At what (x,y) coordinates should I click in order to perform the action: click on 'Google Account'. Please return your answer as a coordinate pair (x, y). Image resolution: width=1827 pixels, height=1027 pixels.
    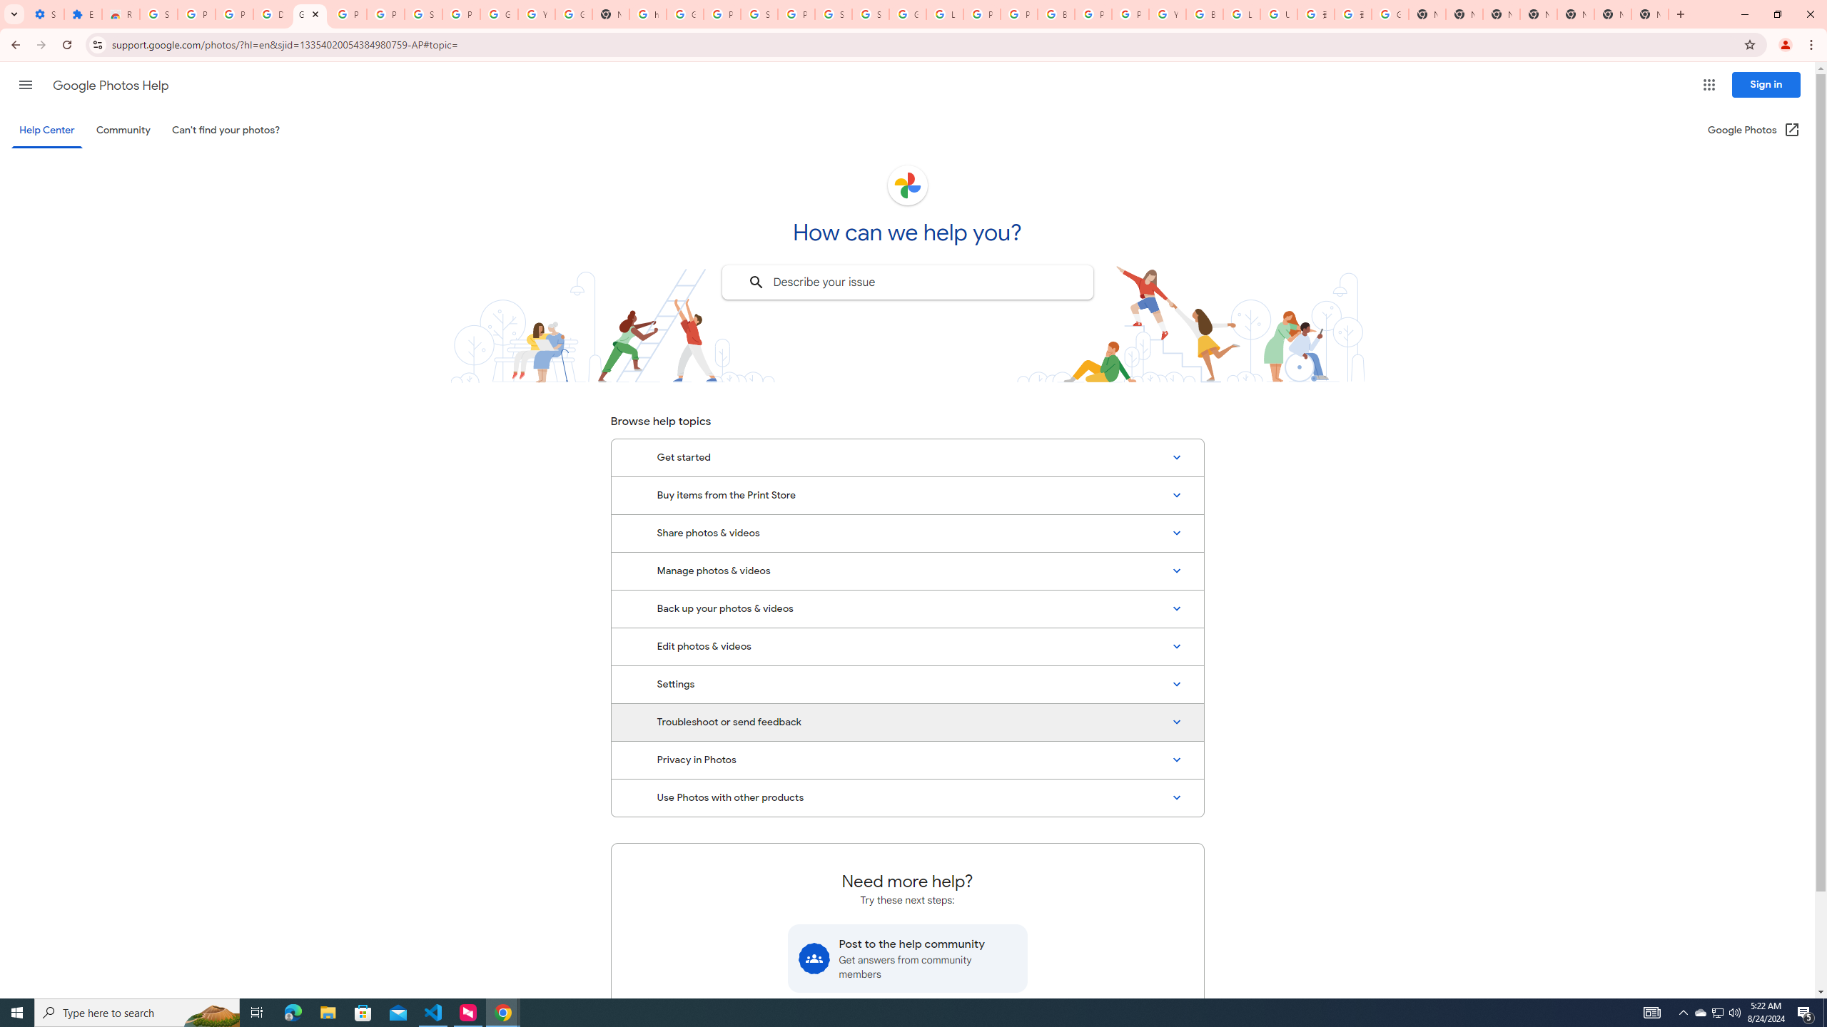
    Looking at the image, I should click on (497, 14).